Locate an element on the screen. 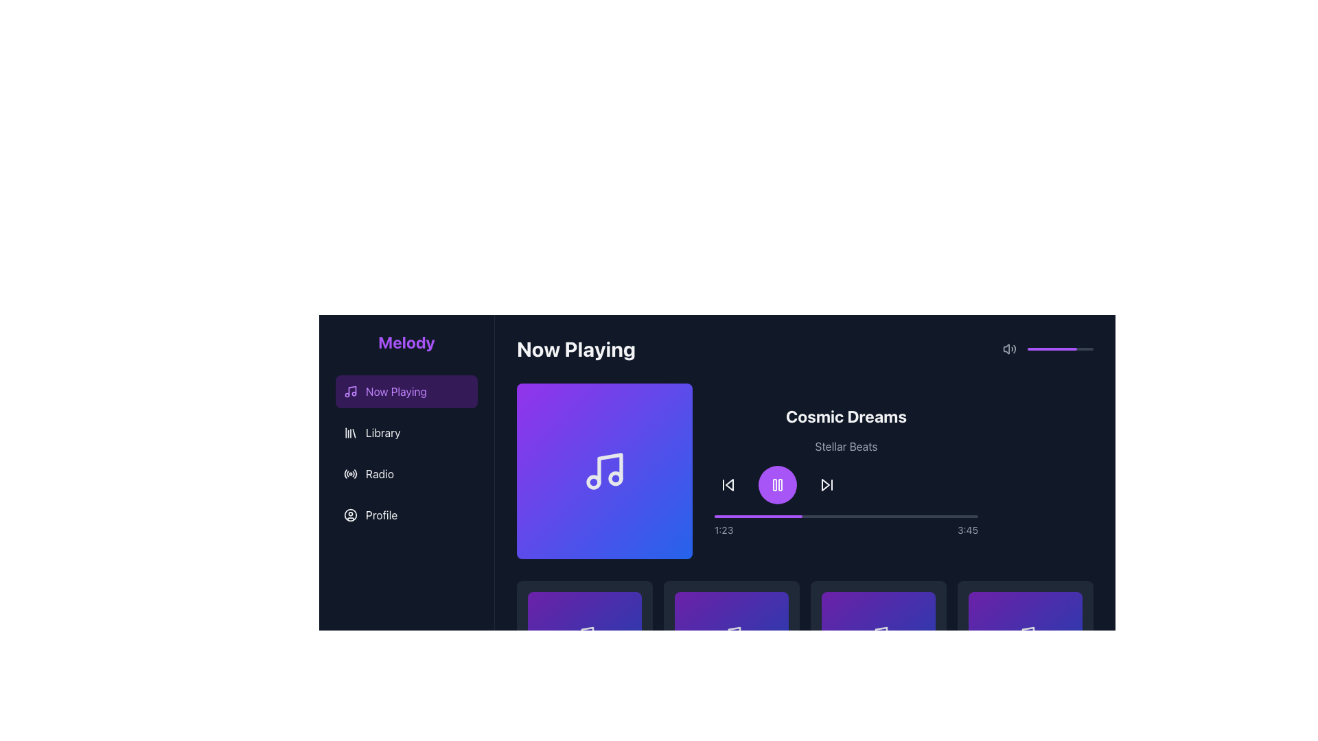 The width and height of the screenshot is (1318, 741). the slider is located at coordinates (1078, 349).